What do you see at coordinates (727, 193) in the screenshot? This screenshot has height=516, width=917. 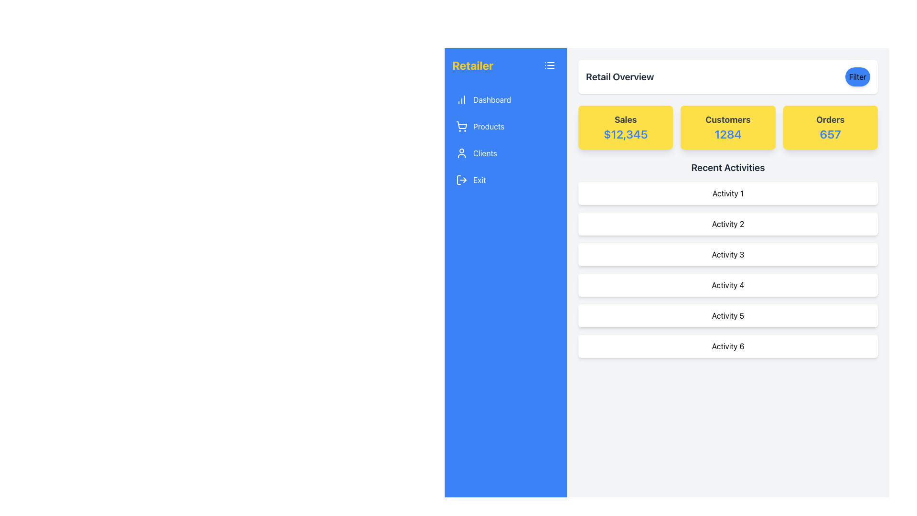 I see `the first Button-like card representing 'Activity 1' in the list below the 'Recent Activities' header` at bounding box center [727, 193].